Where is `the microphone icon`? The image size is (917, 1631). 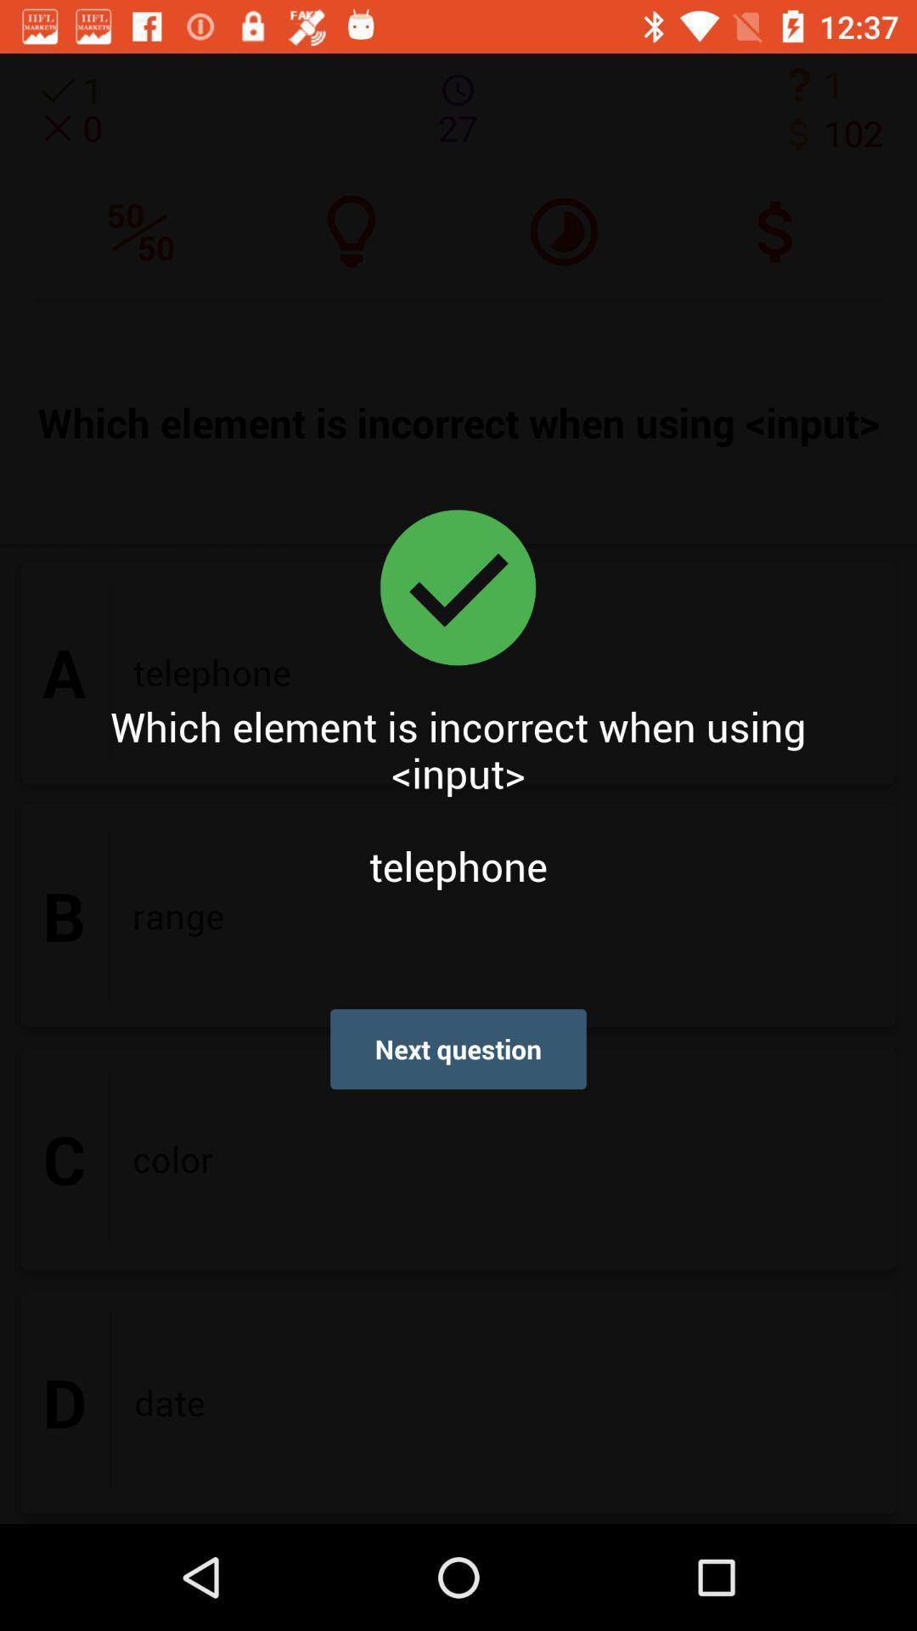 the microphone icon is located at coordinates (351, 231).